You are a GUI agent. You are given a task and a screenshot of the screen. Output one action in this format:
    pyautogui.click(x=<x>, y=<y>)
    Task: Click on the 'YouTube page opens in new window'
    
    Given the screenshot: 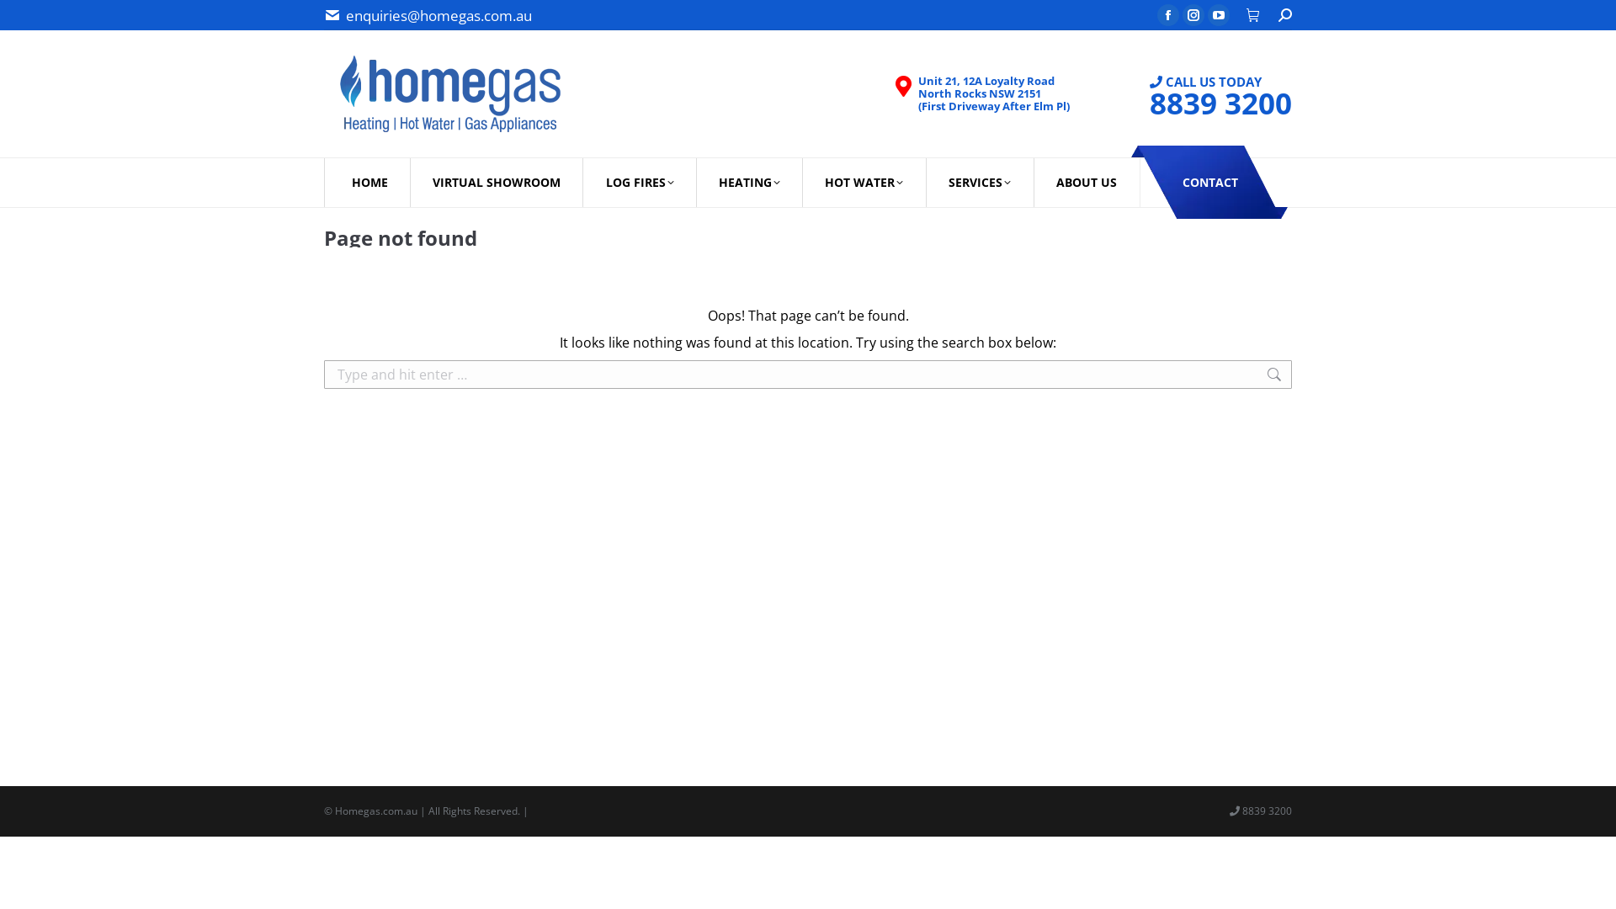 What is the action you would take?
    pyautogui.click(x=1219, y=15)
    